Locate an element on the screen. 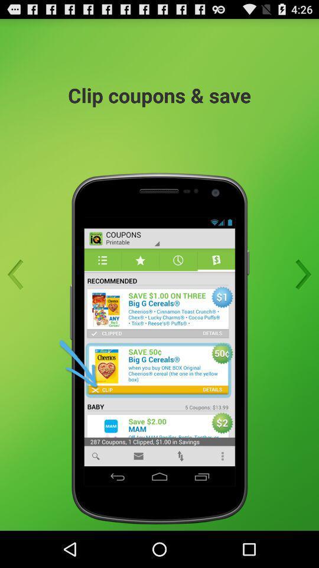 The height and width of the screenshot is (568, 319). go next is located at coordinates (300, 275).